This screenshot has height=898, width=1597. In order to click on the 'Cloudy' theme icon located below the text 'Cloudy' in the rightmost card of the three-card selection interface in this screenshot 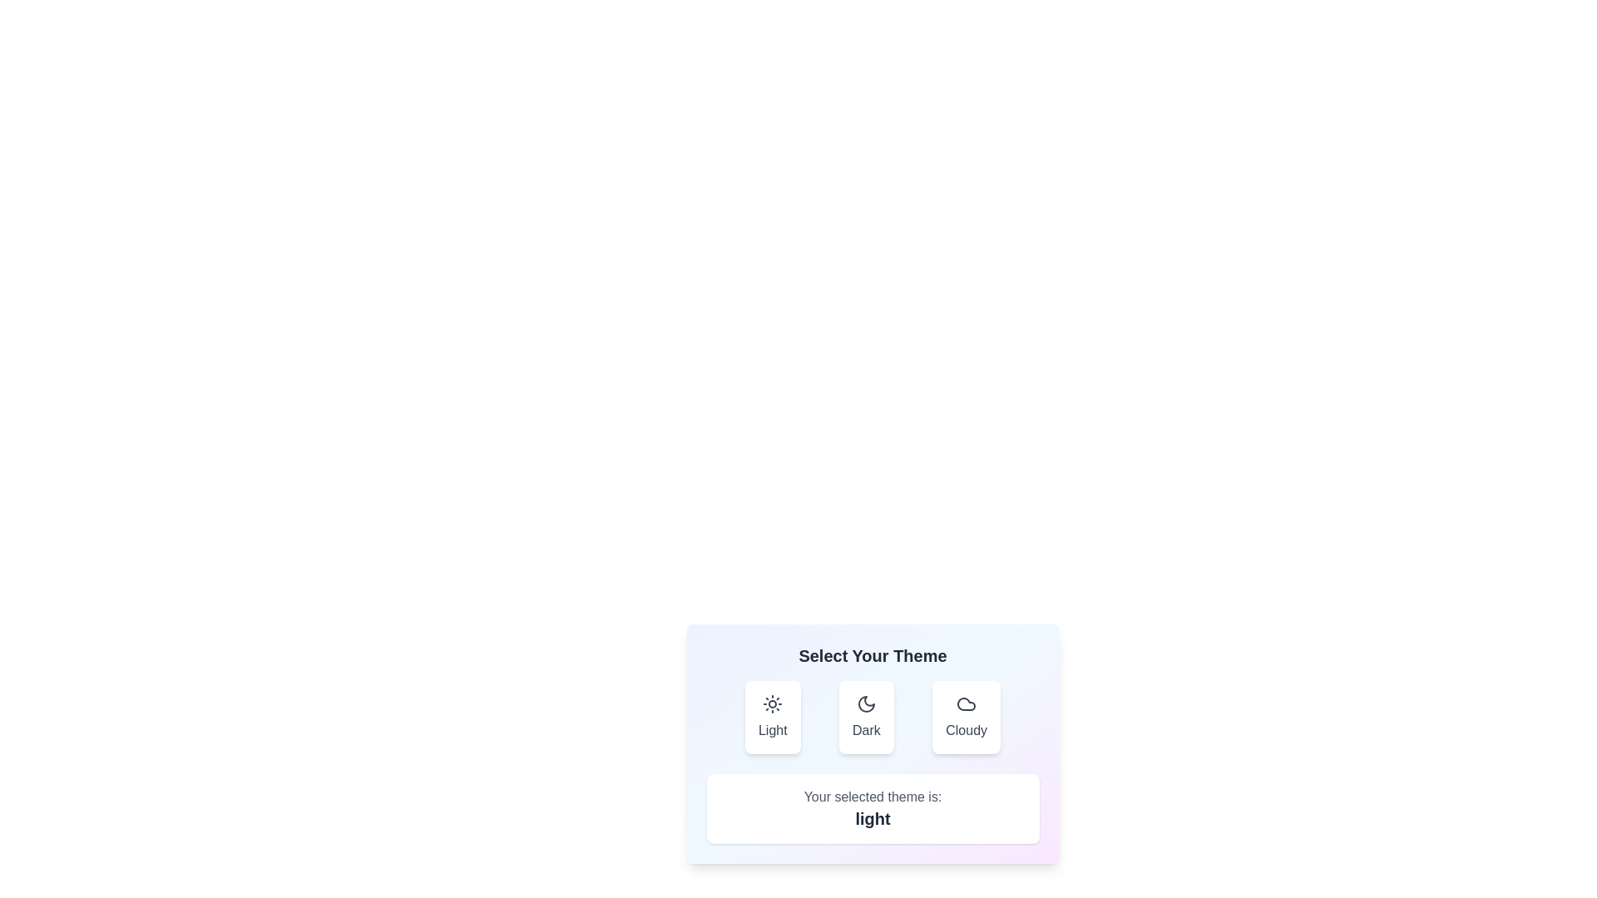, I will do `click(967, 704)`.